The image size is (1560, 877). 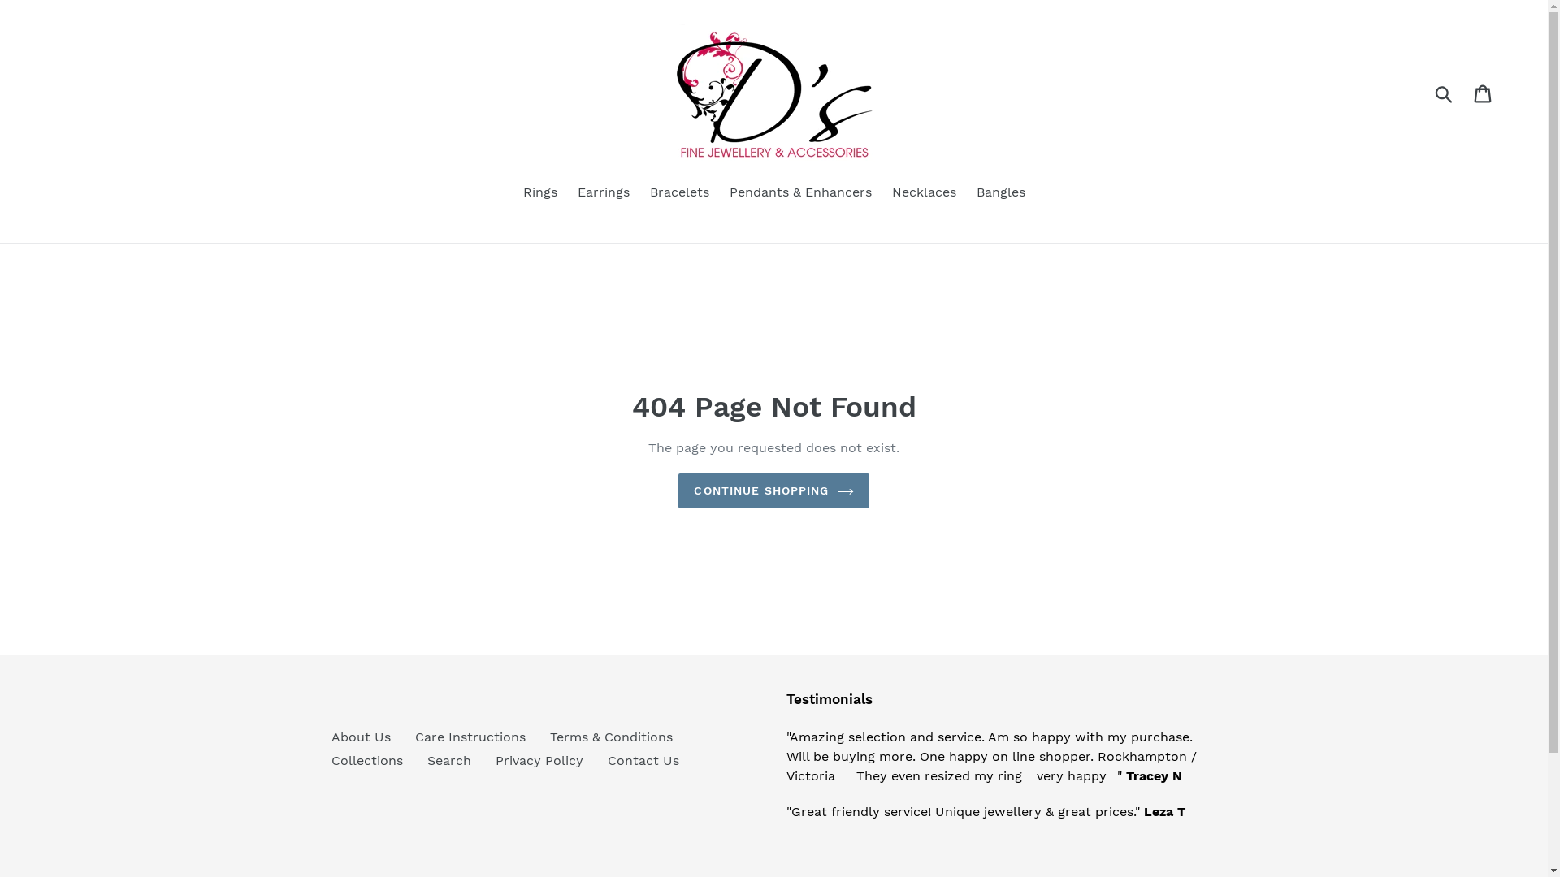 I want to click on 'About Us', so click(x=360, y=737).